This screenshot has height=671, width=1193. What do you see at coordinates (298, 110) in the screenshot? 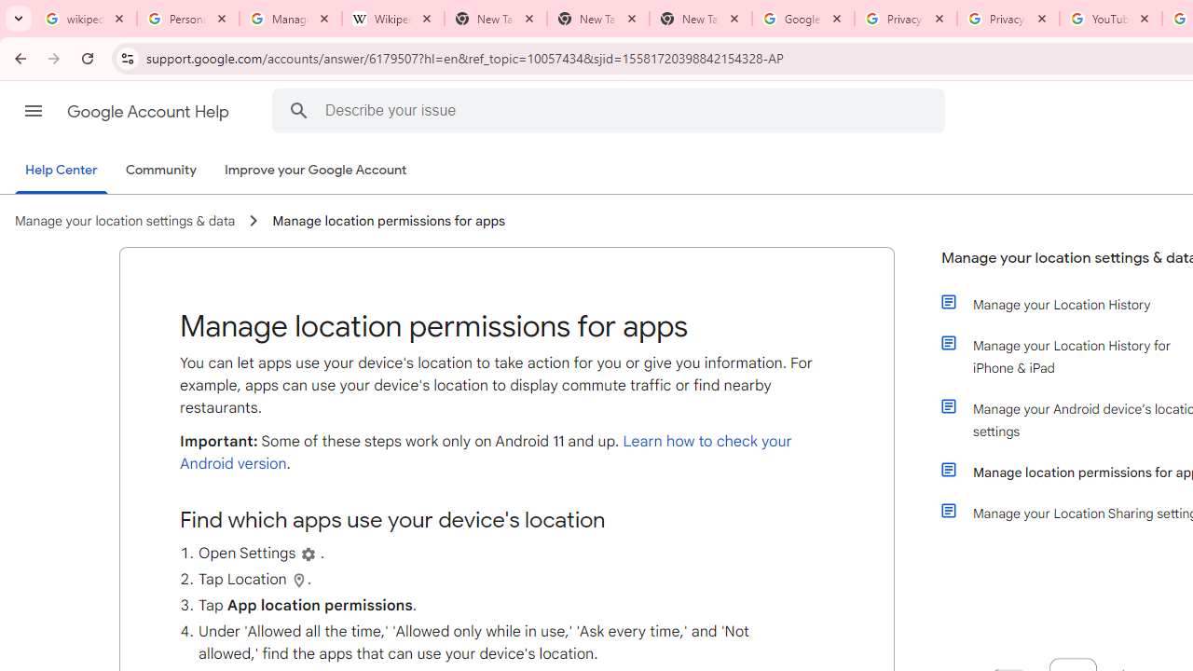
I see `'Search Help Center'` at bounding box center [298, 110].